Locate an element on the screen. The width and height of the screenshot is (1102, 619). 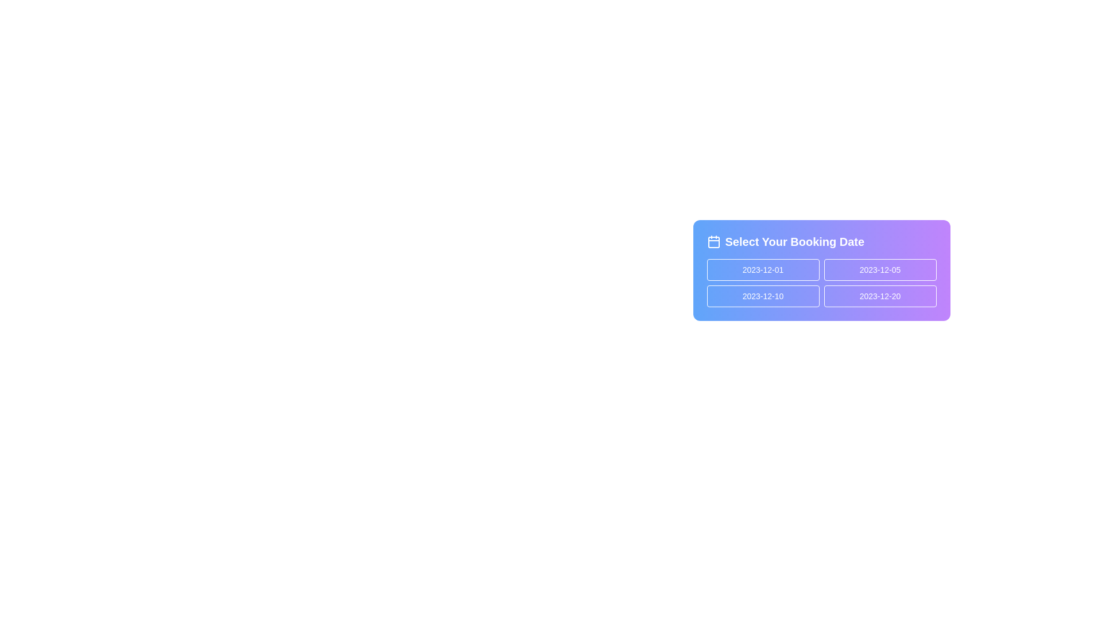
the grid layout containing buttons for selecting booking dates, such as '2023-12-01' and '2023-12-05' is located at coordinates (821, 283).